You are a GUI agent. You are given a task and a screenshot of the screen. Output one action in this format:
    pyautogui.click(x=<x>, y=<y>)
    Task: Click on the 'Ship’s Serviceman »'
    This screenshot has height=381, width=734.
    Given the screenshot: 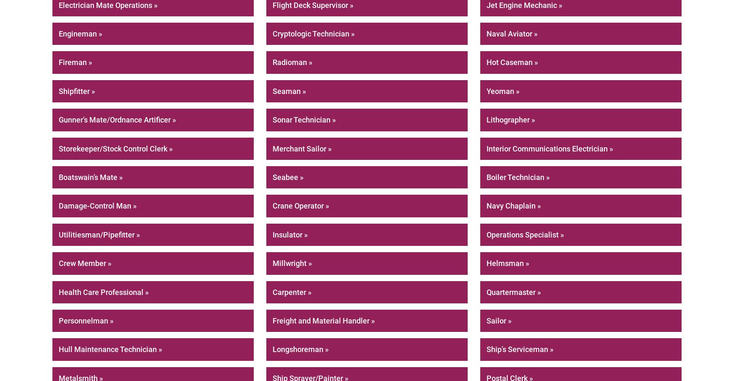 What is the action you would take?
    pyautogui.click(x=486, y=349)
    